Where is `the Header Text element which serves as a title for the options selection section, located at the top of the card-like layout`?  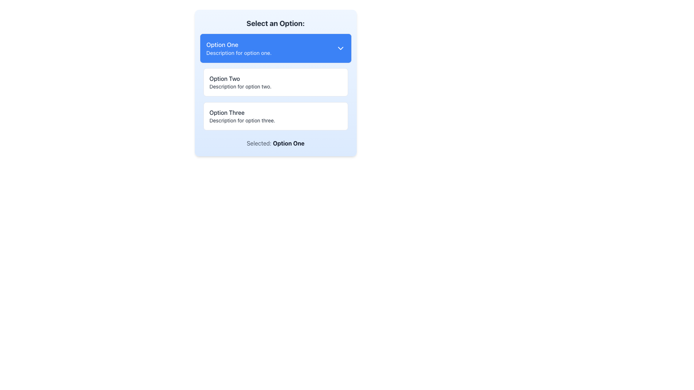 the Header Text element which serves as a title for the options selection section, located at the top of the card-like layout is located at coordinates (275, 23).